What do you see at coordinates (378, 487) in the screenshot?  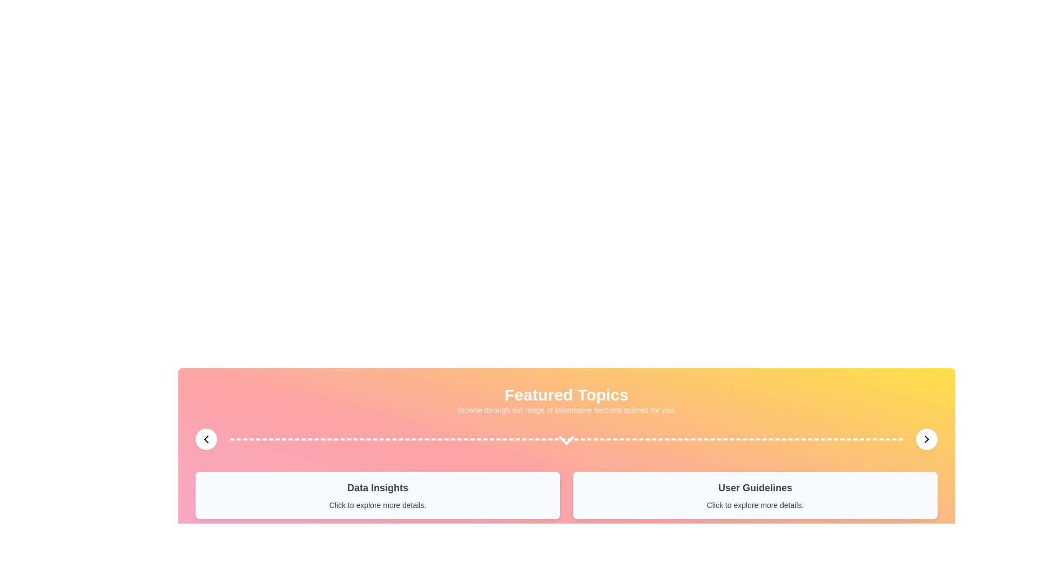 I see `bold, large-font text labeled 'Data Insights' located at the top of the left card within the bottom section of the interface` at bounding box center [378, 487].